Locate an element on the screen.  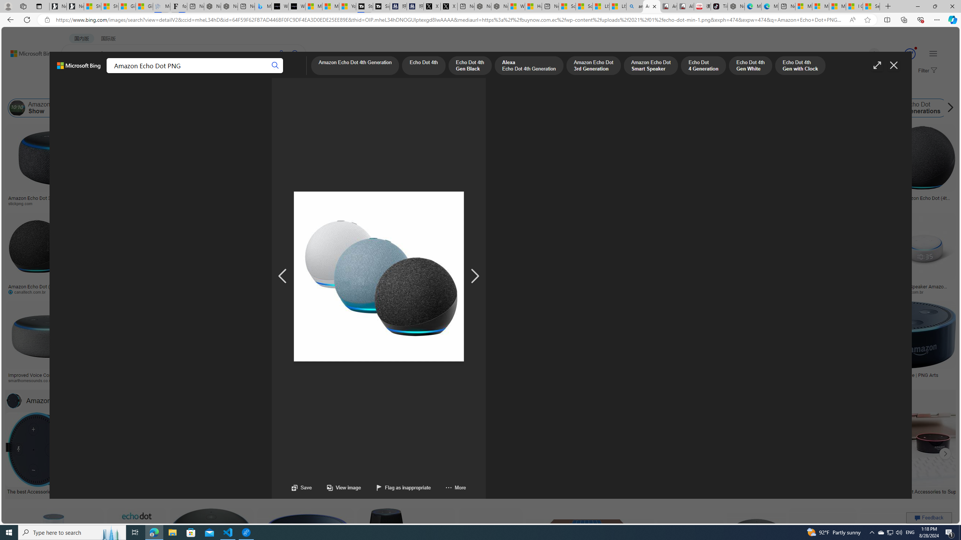
'License' is located at coordinates (249, 89).